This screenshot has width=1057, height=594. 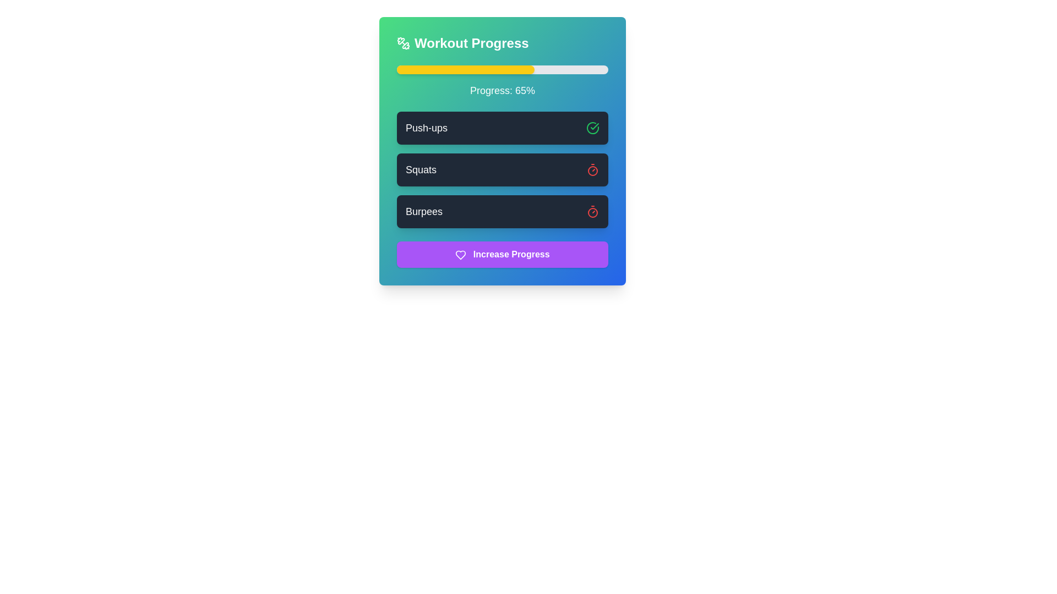 What do you see at coordinates (592, 212) in the screenshot?
I see `the timing or progress icon related to the 'Burpees' item, located to the right side of the 'Burpees' text label` at bounding box center [592, 212].